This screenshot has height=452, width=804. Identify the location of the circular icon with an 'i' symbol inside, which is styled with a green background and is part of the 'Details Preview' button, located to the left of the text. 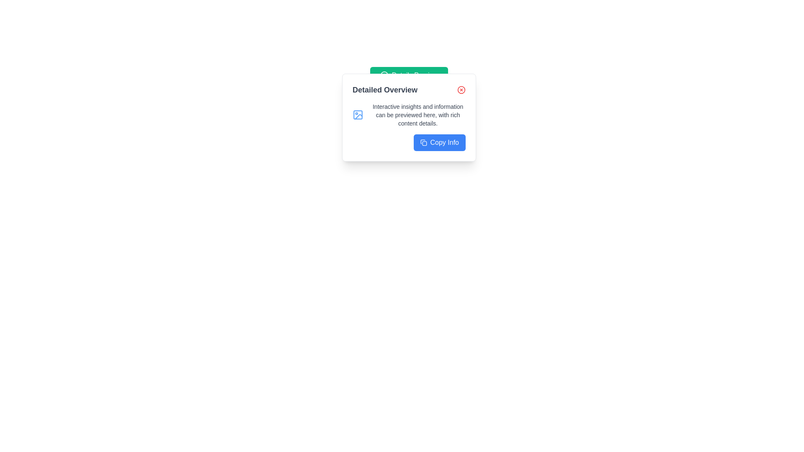
(384, 75).